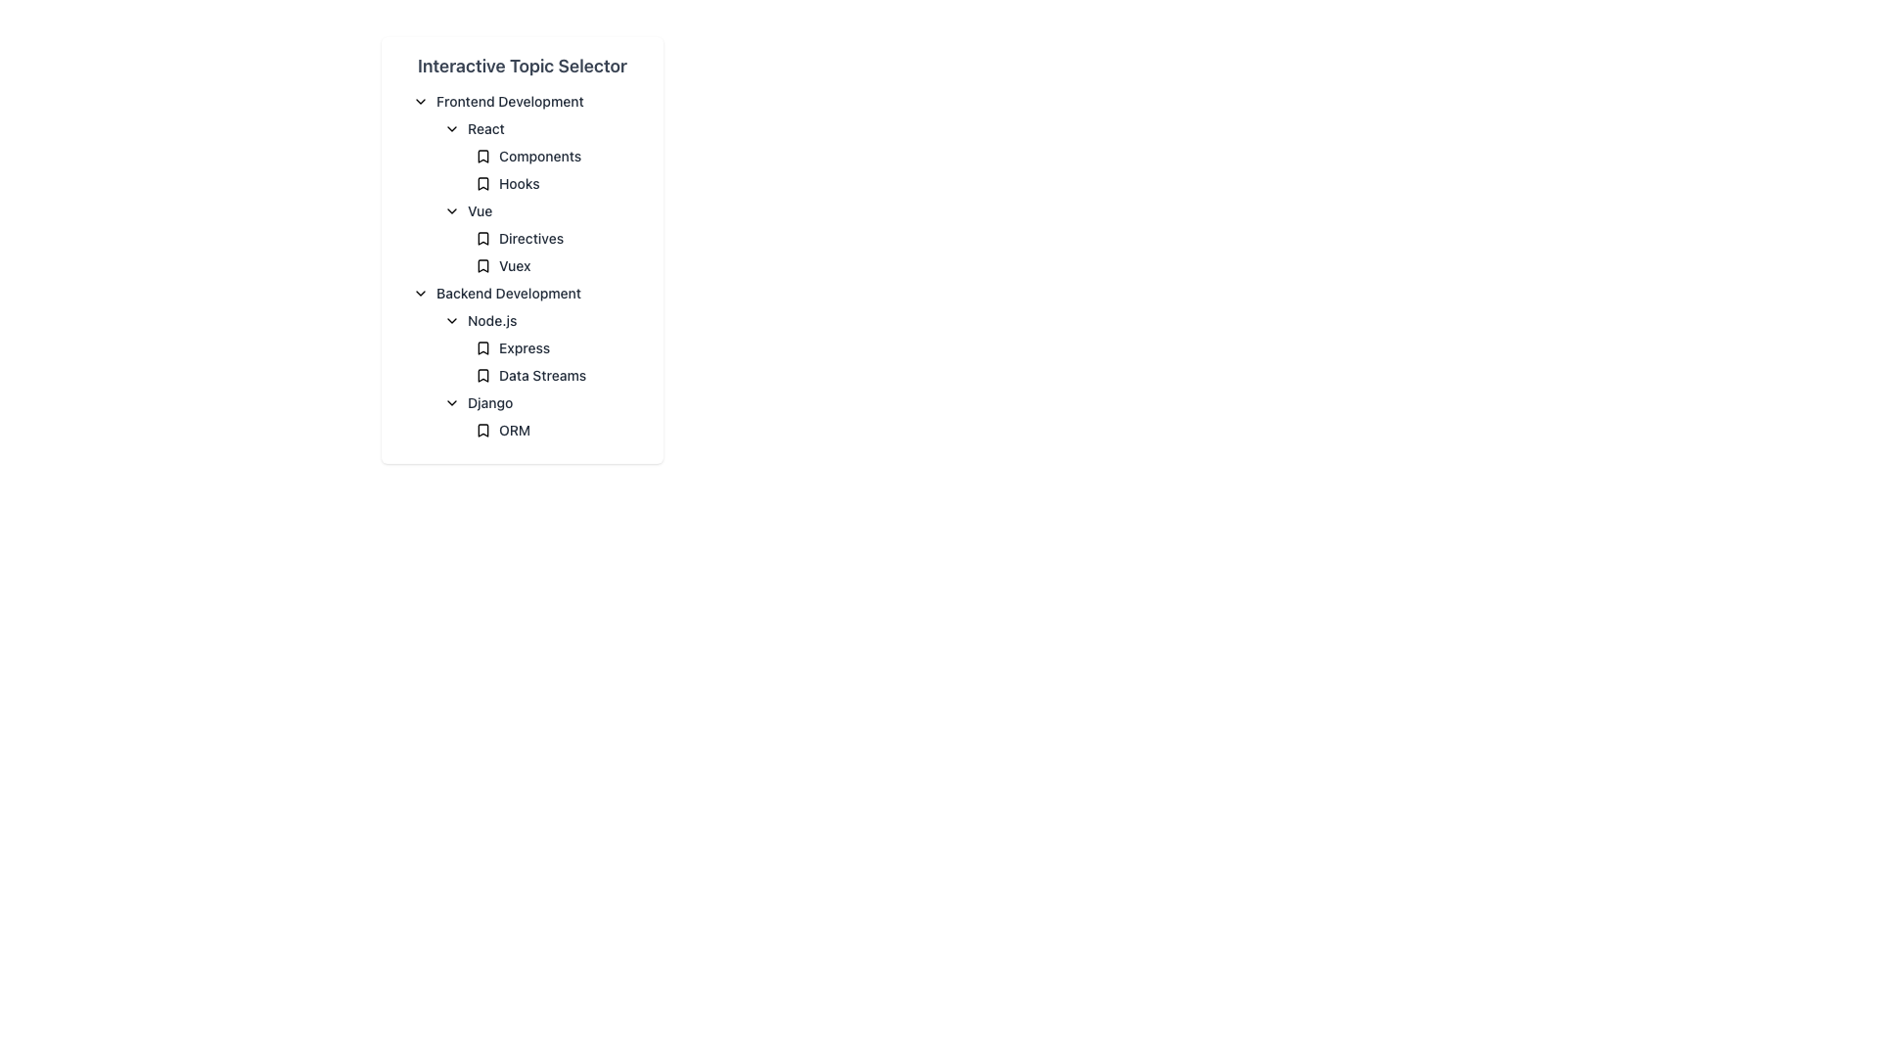 The width and height of the screenshot is (1879, 1057). Describe the element at coordinates (561, 237) in the screenshot. I see `the 'Directives' label with a bookmark icon located below the 'Vue' header in the 'Frontend Development' category` at that location.